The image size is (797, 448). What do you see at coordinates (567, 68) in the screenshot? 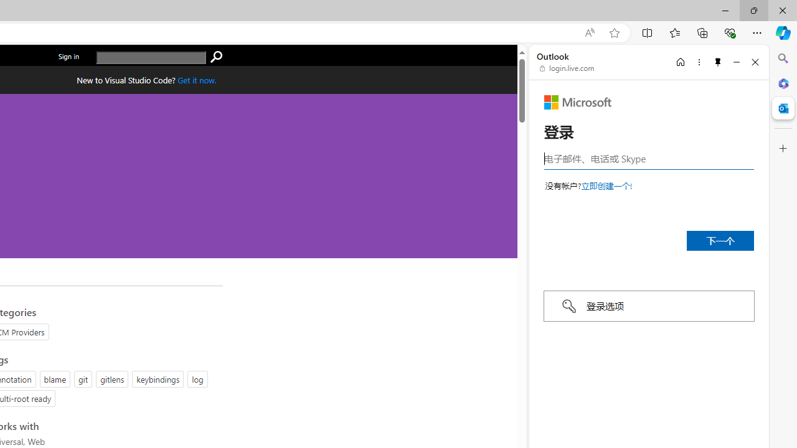
I see `'login.live.com'` at bounding box center [567, 68].